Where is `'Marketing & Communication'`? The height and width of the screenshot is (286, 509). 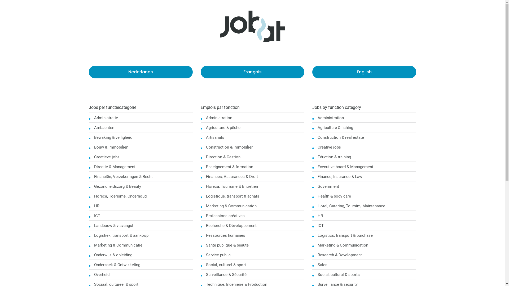 'Marketing & Communication' is located at coordinates (343, 245).